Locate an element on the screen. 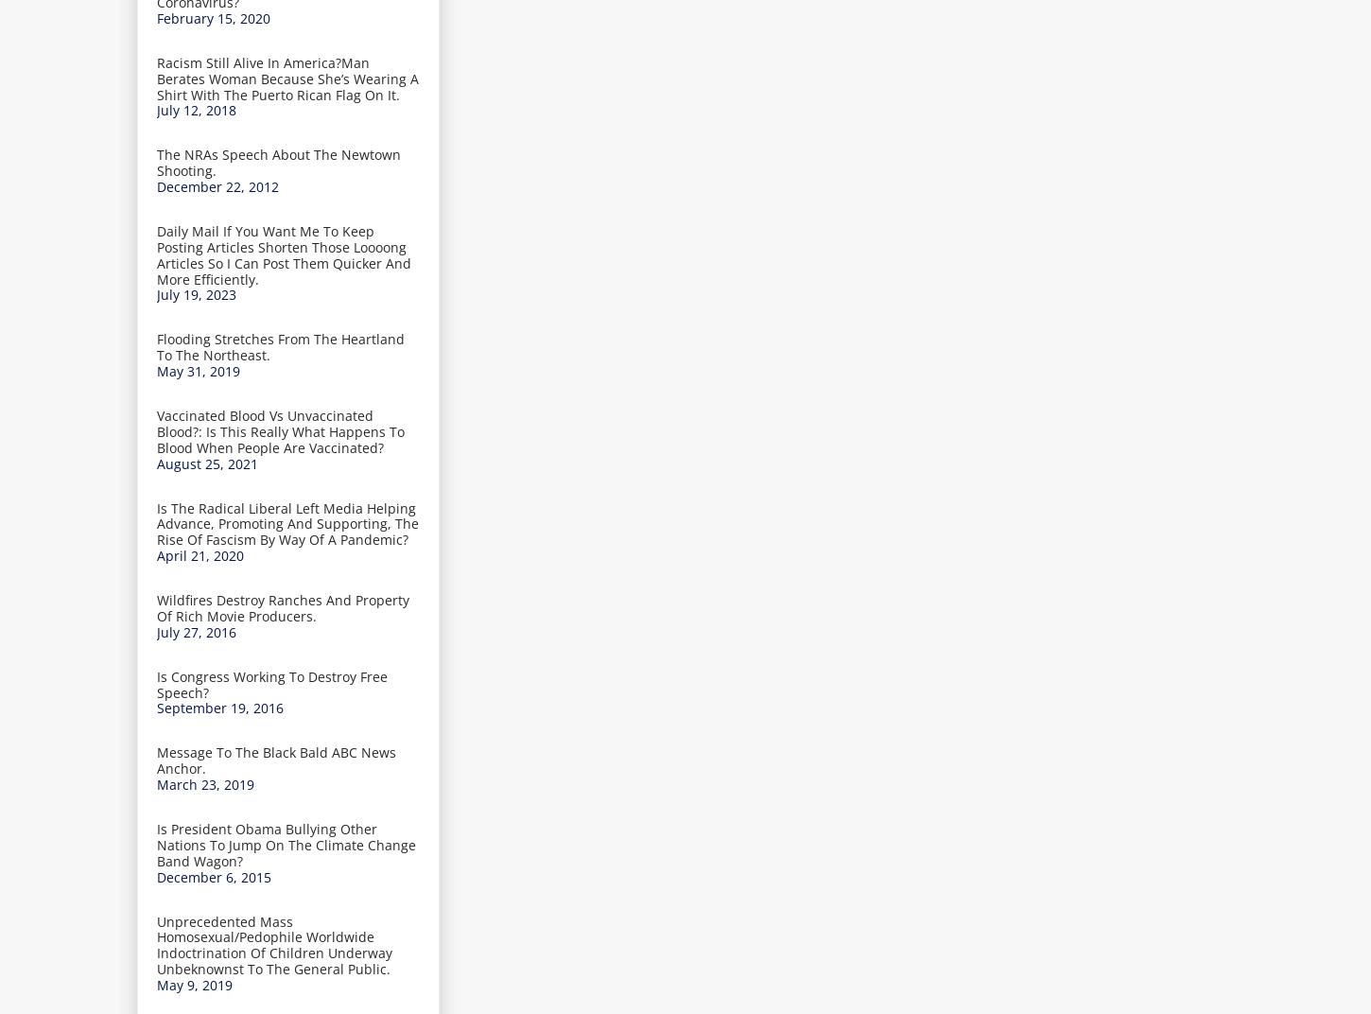  'March 23, 2019' is located at coordinates (156, 783).